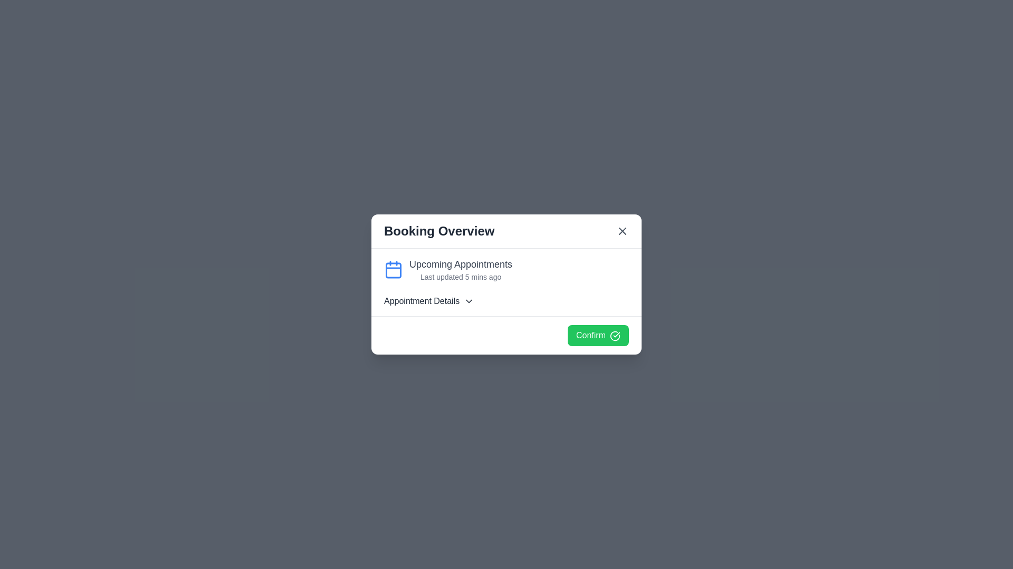 This screenshot has width=1013, height=569. What do you see at coordinates (506, 301) in the screenshot?
I see `the dropdown trigger element located below 'Upcoming Appointments'` at bounding box center [506, 301].